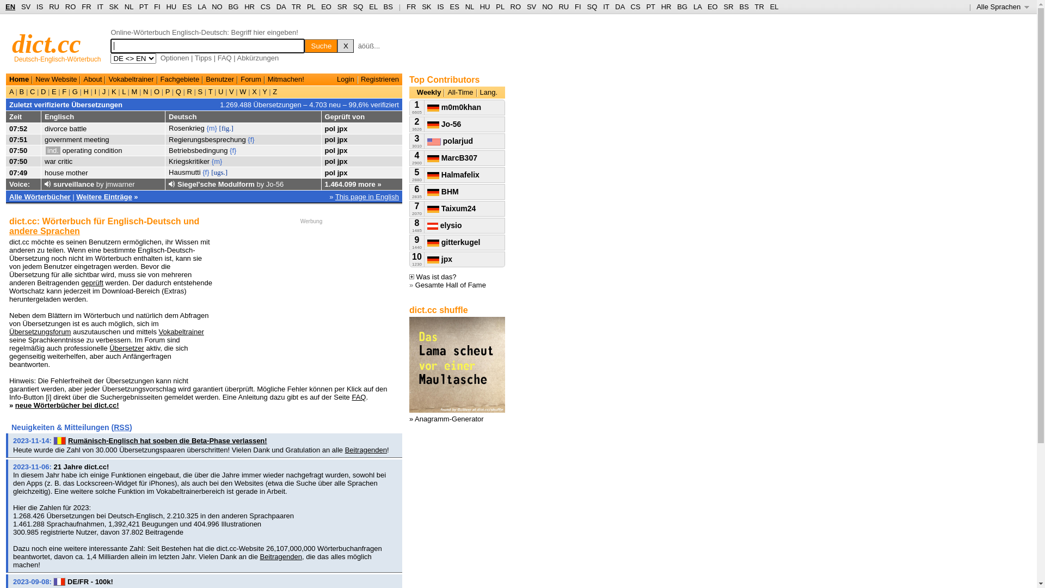  What do you see at coordinates (5, 7) in the screenshot?
I see `'EN'` at bounding box center [5, 7].